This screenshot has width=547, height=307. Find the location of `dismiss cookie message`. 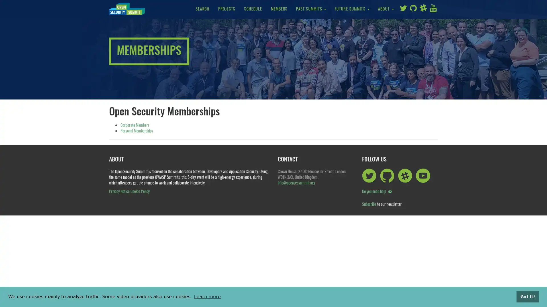

dismiss cookie message is located at coordinates (527, 296).